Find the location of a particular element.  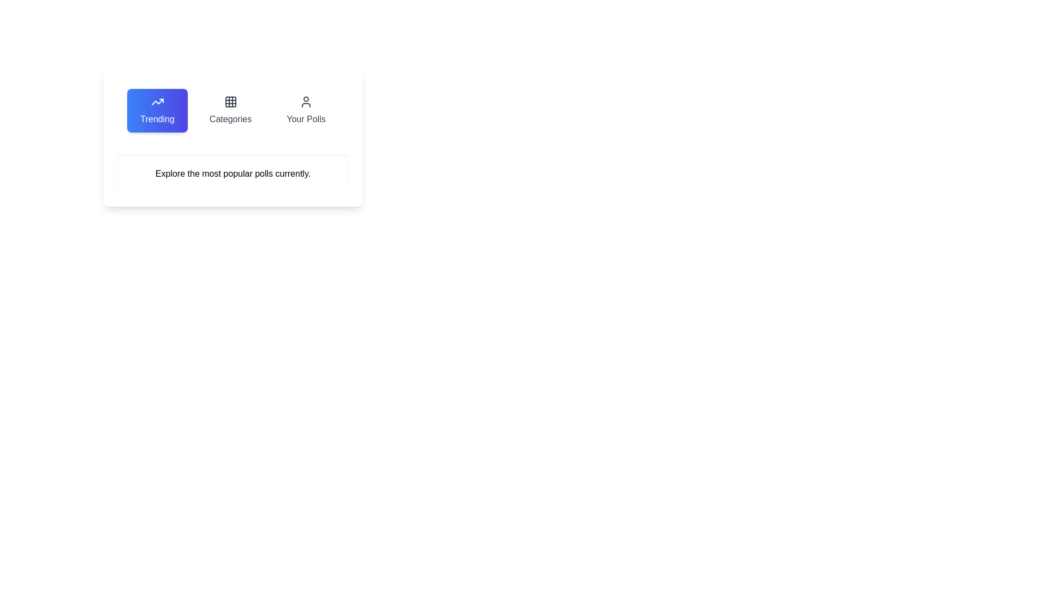

the tab labeled 'Categories' to switch to the corresponding section is located at coordinates (230, 111).